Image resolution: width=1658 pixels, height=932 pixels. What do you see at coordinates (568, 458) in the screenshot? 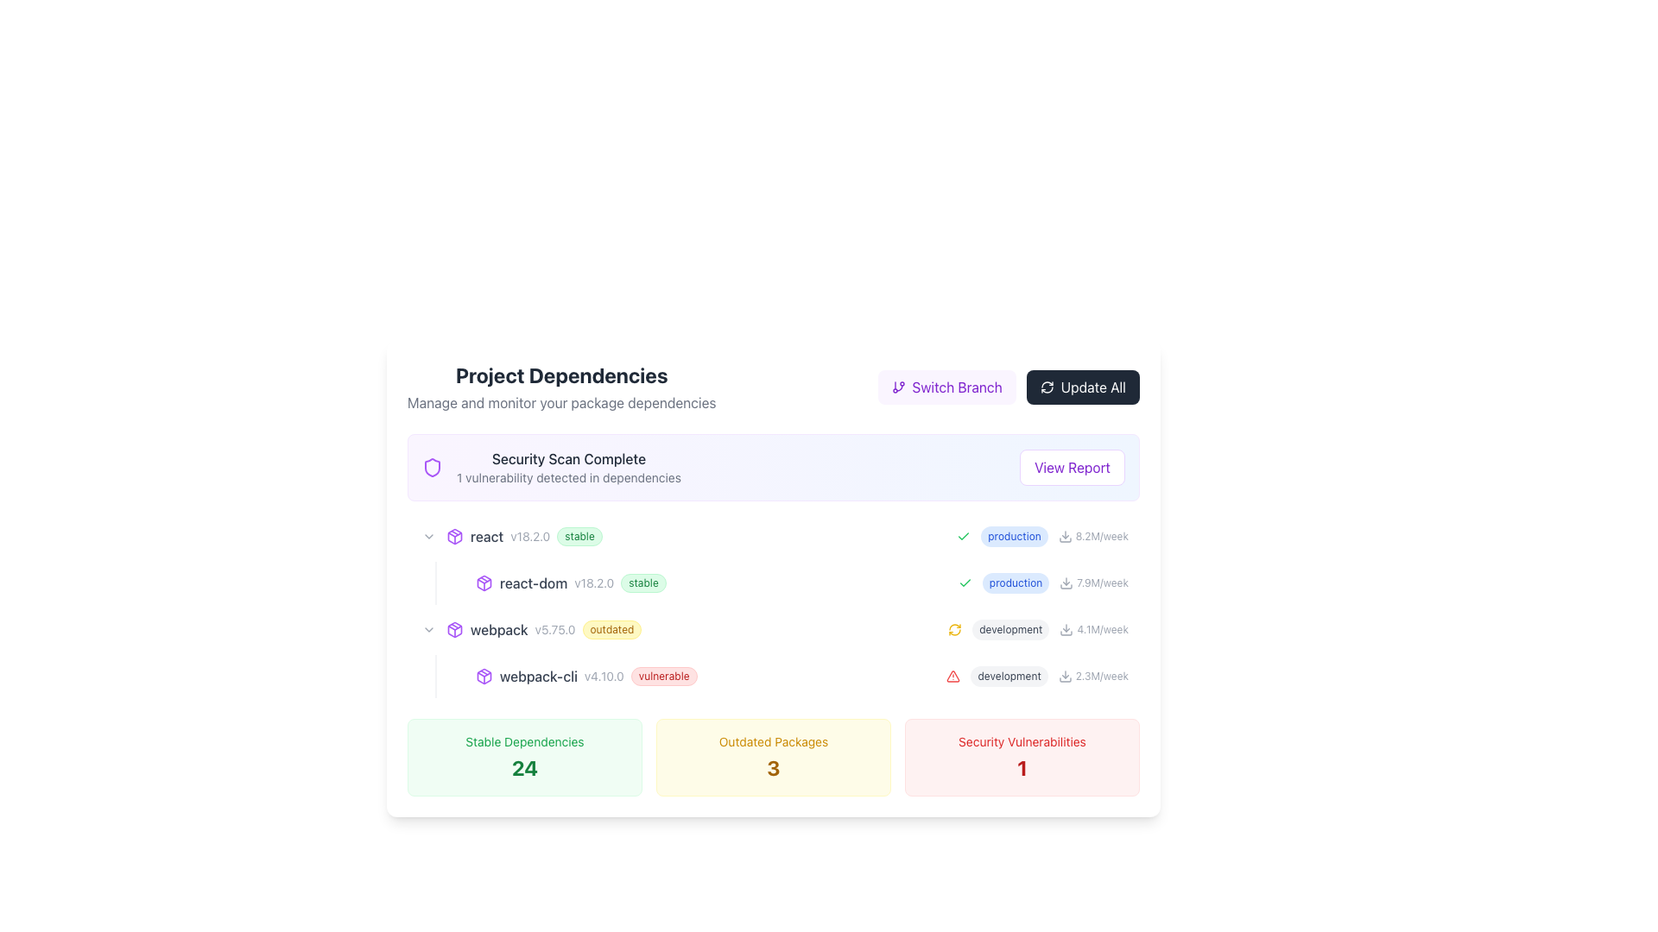
I see `headline text label summarizing the completion of a security scan, which is positioned at the top-center of the card layout for scan results` at bounding box center [568, 458].